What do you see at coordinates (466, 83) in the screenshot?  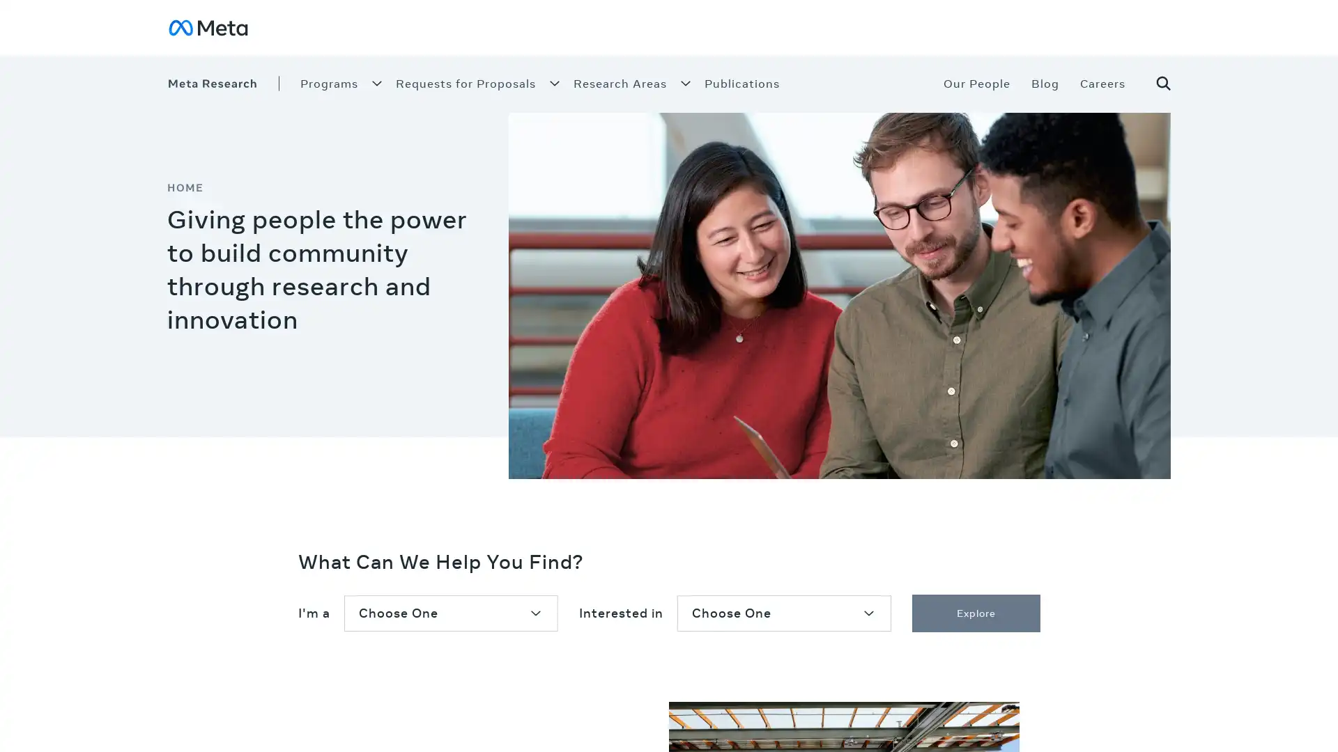 I see `Requests for Proposals` at bounding box center [466, 83].